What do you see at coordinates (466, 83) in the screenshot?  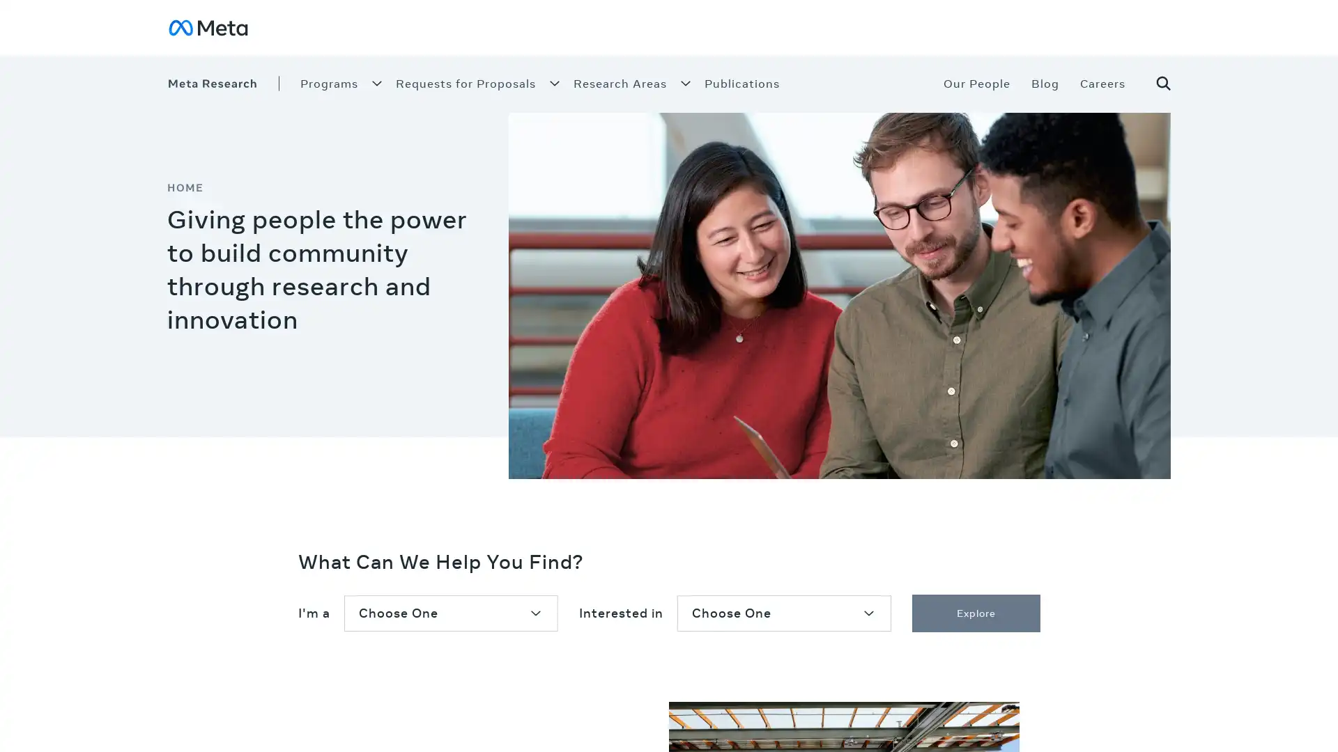 I see `Requests for Proposals` at bounding box center [466, 83].